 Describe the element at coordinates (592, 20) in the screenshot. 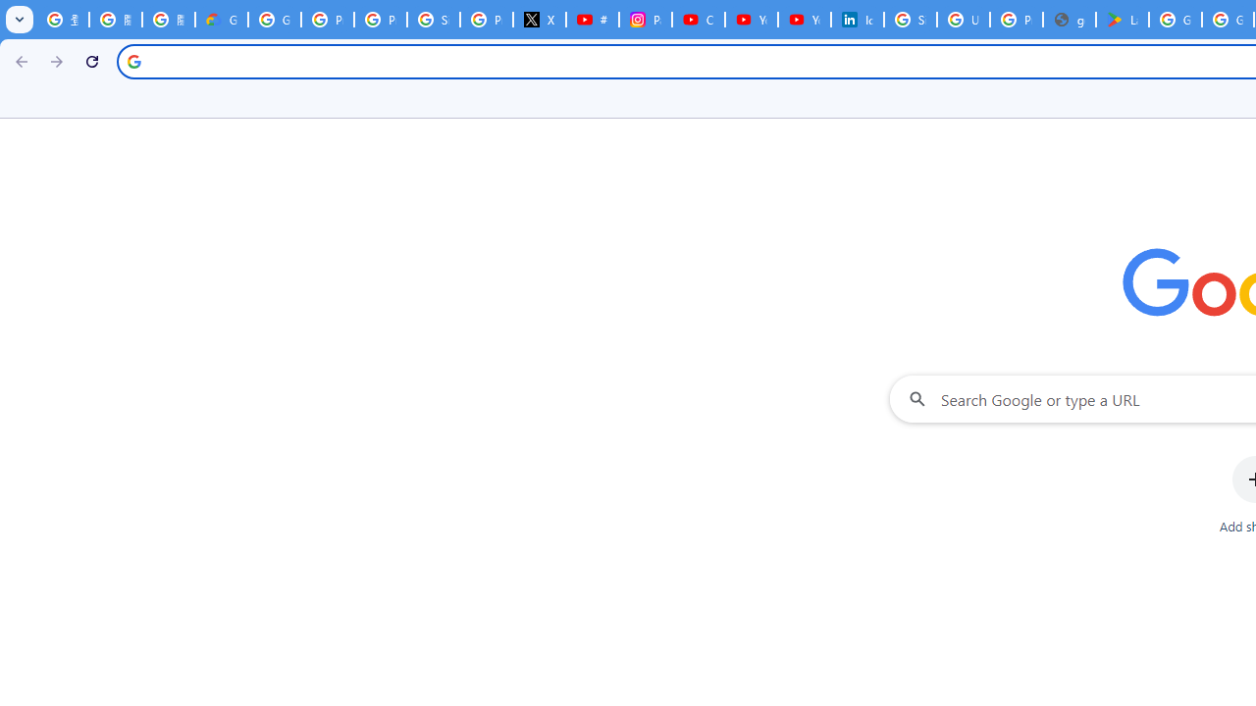

I see `'#nbabasketballhighlights - YouTube'` at that location.